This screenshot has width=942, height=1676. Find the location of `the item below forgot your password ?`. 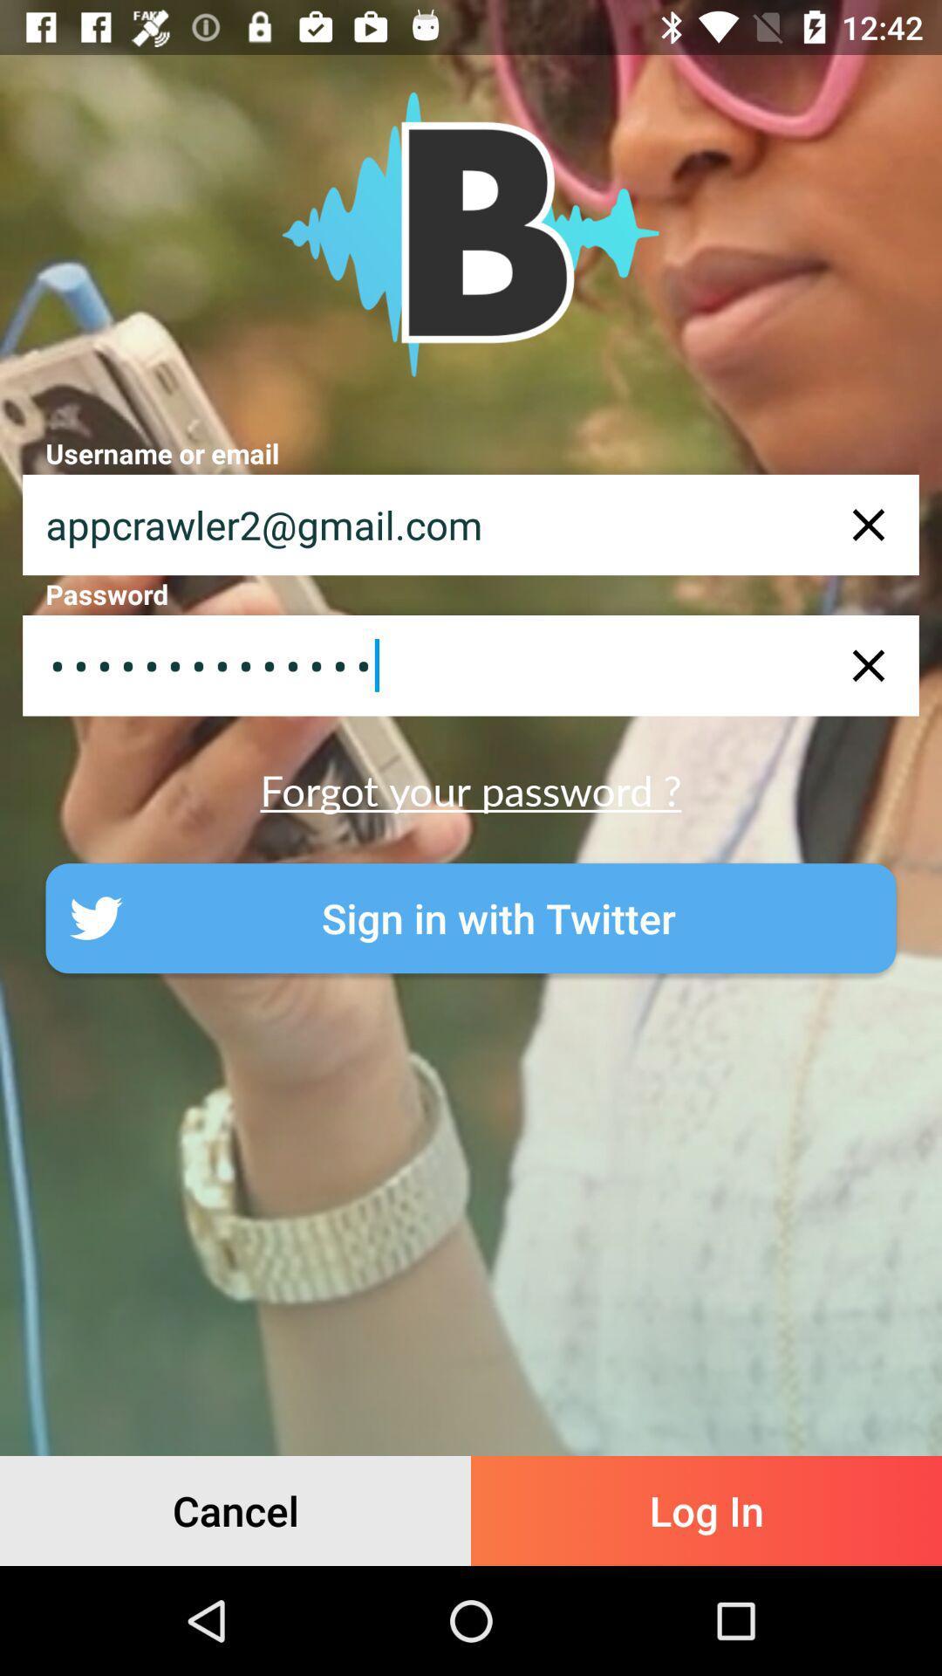

the item below forgot your password ? is located at coordinates (471, 917).